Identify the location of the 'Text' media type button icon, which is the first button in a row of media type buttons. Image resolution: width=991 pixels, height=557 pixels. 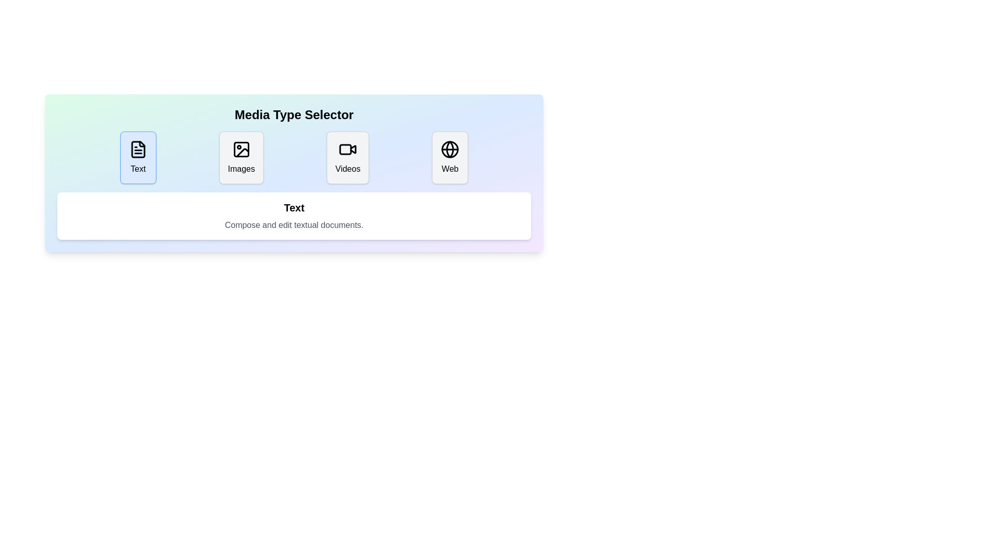
(137, 149).